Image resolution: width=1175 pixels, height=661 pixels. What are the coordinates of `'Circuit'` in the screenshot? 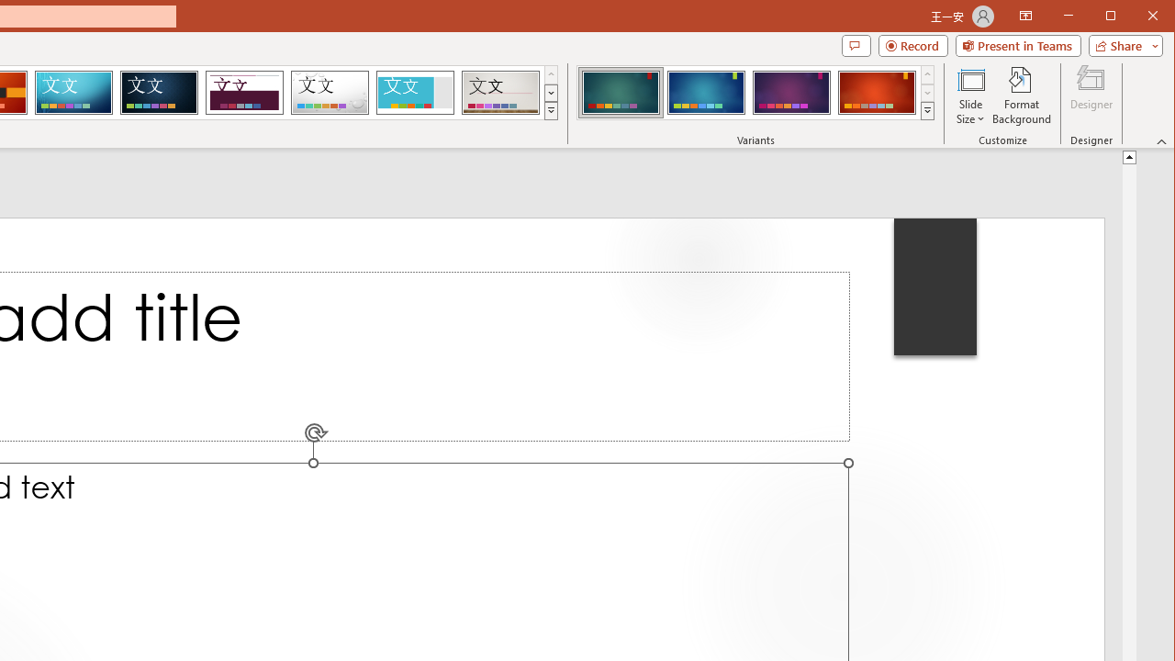 It's located at (73, 92).